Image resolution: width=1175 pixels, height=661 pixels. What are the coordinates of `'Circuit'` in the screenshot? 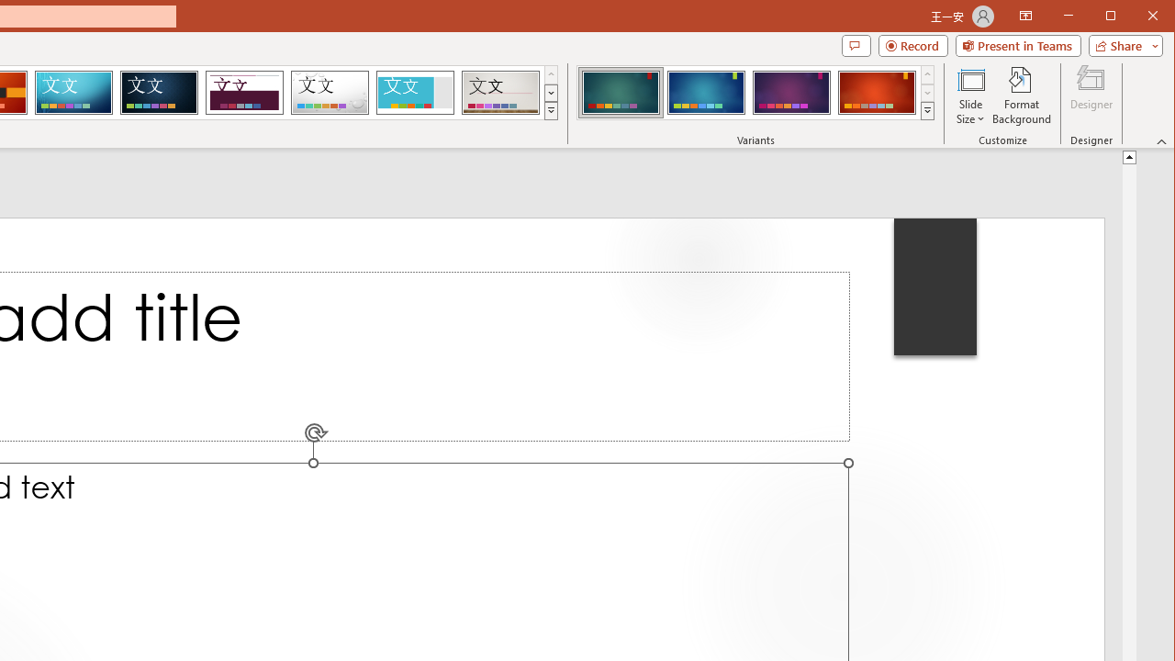 It's located at (73, 92).